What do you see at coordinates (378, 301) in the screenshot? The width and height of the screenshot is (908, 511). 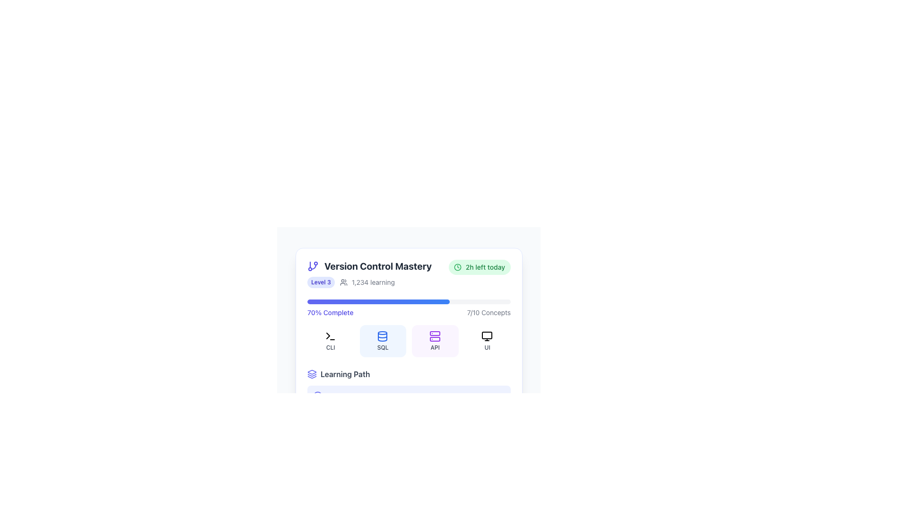 I see `the filled portion of the progress bar that indicates a 70% completion rate, located below the title '70% Complete' and next to '7/10 Concepts'` at bounding box center [378, 301].